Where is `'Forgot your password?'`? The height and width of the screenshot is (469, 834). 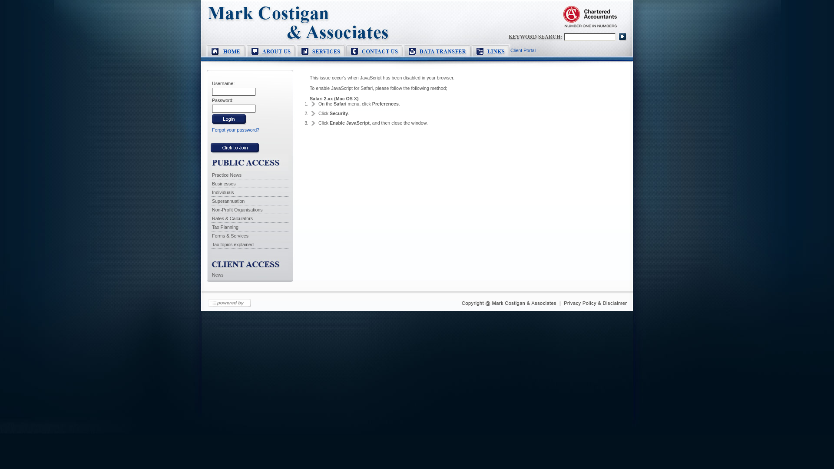 'Forgot your password?' is located at coordinates (235, 130).